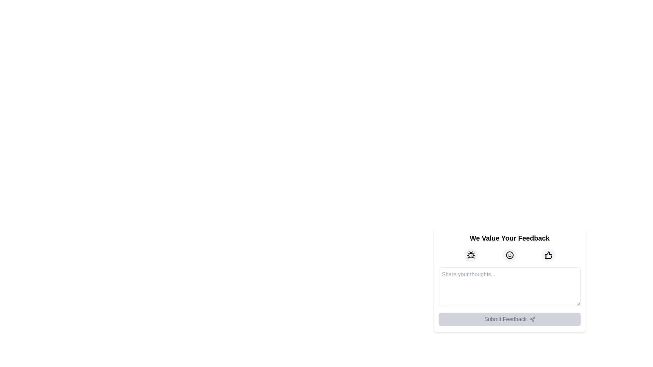 The image size is (653, 367). Describe the element at coordinates (509, 255) in the screenshot. I see `the circular graphic element representing a smiling face, which symbolizes positive feedback, located in the middle of the second icon from the left in a three-icon group at the top of the feedback form` at that location.